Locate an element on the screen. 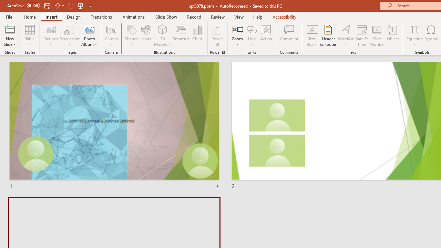  'WordArt' is located at coordinates (346, 35).